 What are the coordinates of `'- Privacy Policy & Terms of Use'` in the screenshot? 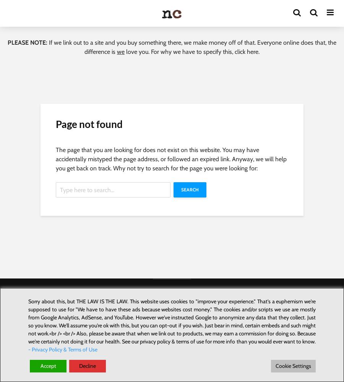 It's located at (63, 350).